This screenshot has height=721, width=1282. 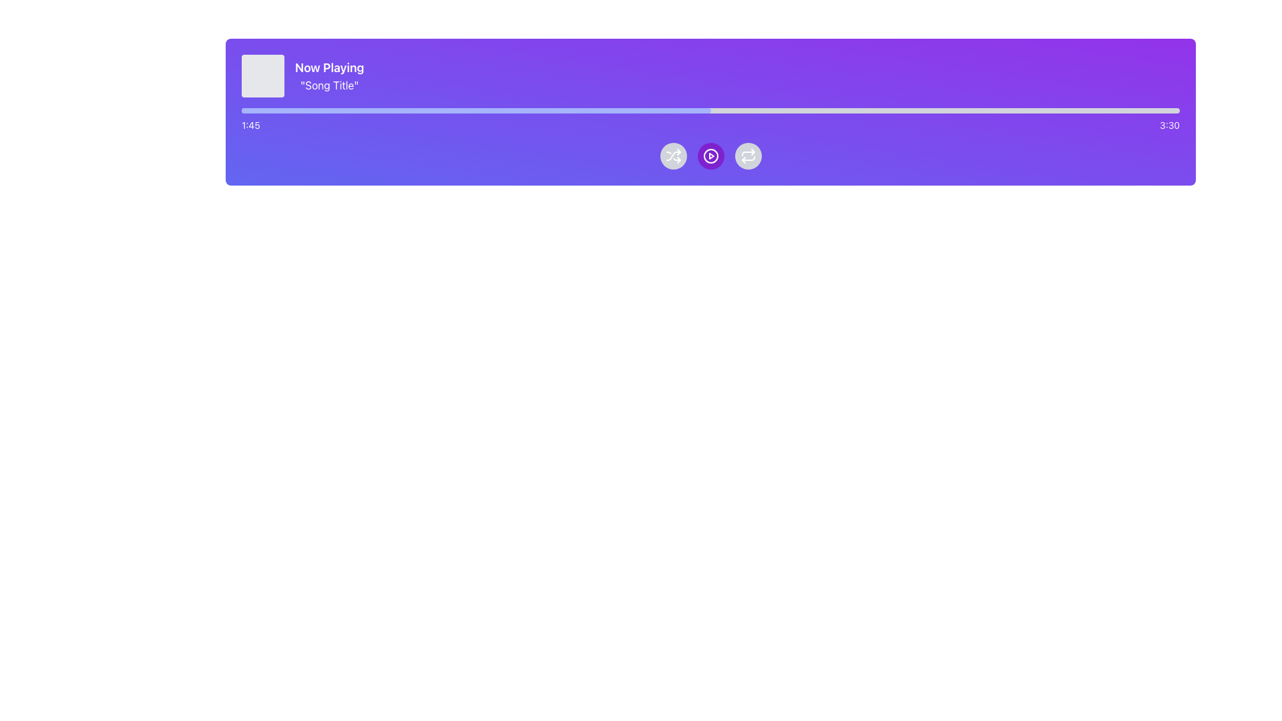 What do you see at coordinates (700, 109) in the screenshot?
I see `playback progress` at bounding box center [700, 109].